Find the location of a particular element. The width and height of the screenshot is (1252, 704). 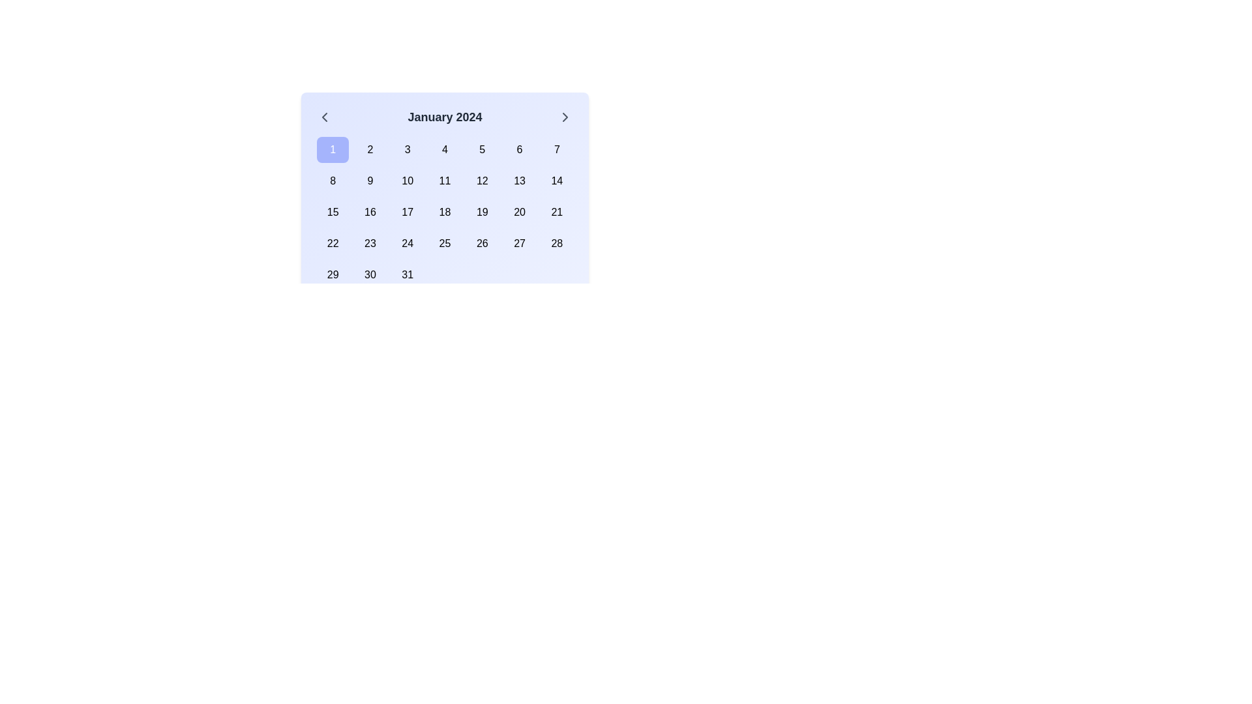

the left-pointing chevron button located to the left of the 'January 2024' calendar header is located at coordinates (325, 117).